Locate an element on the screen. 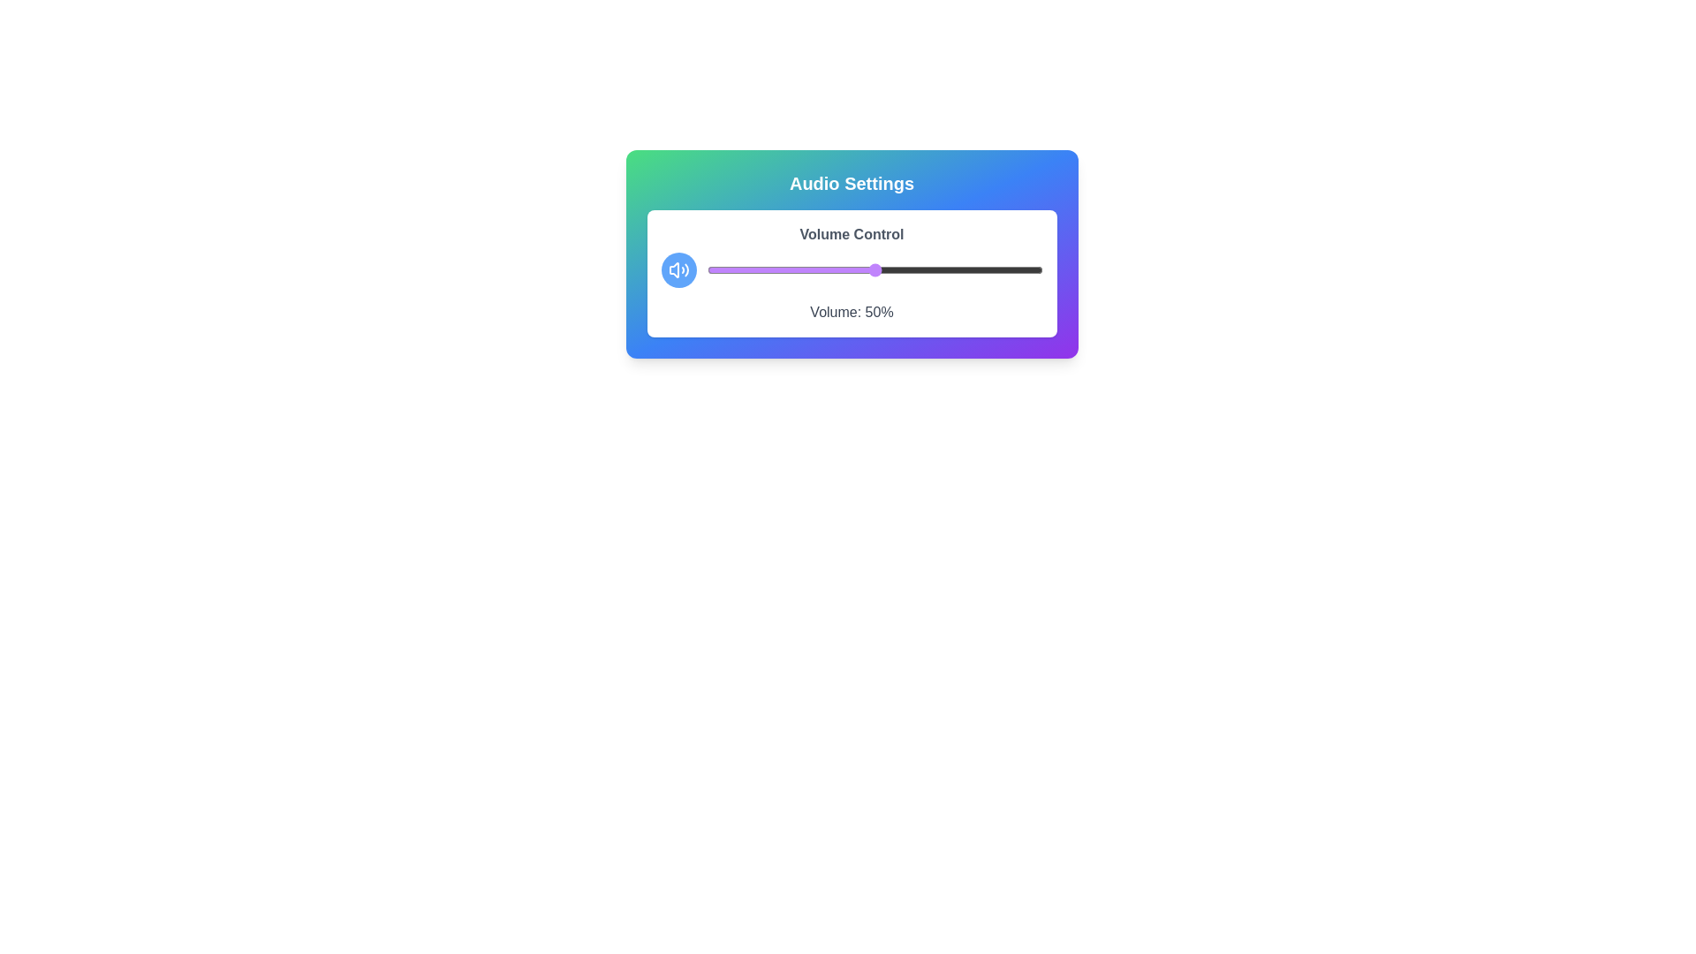 Image resolution: width=1696 pixels, height=954 pixels. the 'Audio Settings' heading element, which is a large, bold, white text centered at the top of the layout with a gradient background transitioning from green to blue is located at coordinates (852, 184).